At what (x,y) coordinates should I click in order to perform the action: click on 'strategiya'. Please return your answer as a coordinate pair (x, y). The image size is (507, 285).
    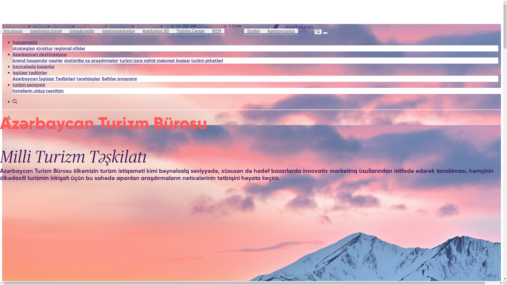
    Looking at the image, I should click on (24, 49).